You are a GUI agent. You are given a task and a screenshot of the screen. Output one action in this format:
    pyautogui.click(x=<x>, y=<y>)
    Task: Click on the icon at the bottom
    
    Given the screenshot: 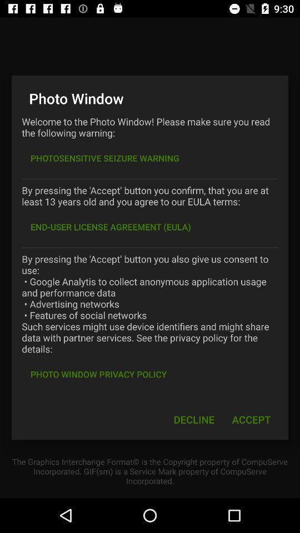 What is the action you would take?
    pyautogui.click(x=193, y=419)
    